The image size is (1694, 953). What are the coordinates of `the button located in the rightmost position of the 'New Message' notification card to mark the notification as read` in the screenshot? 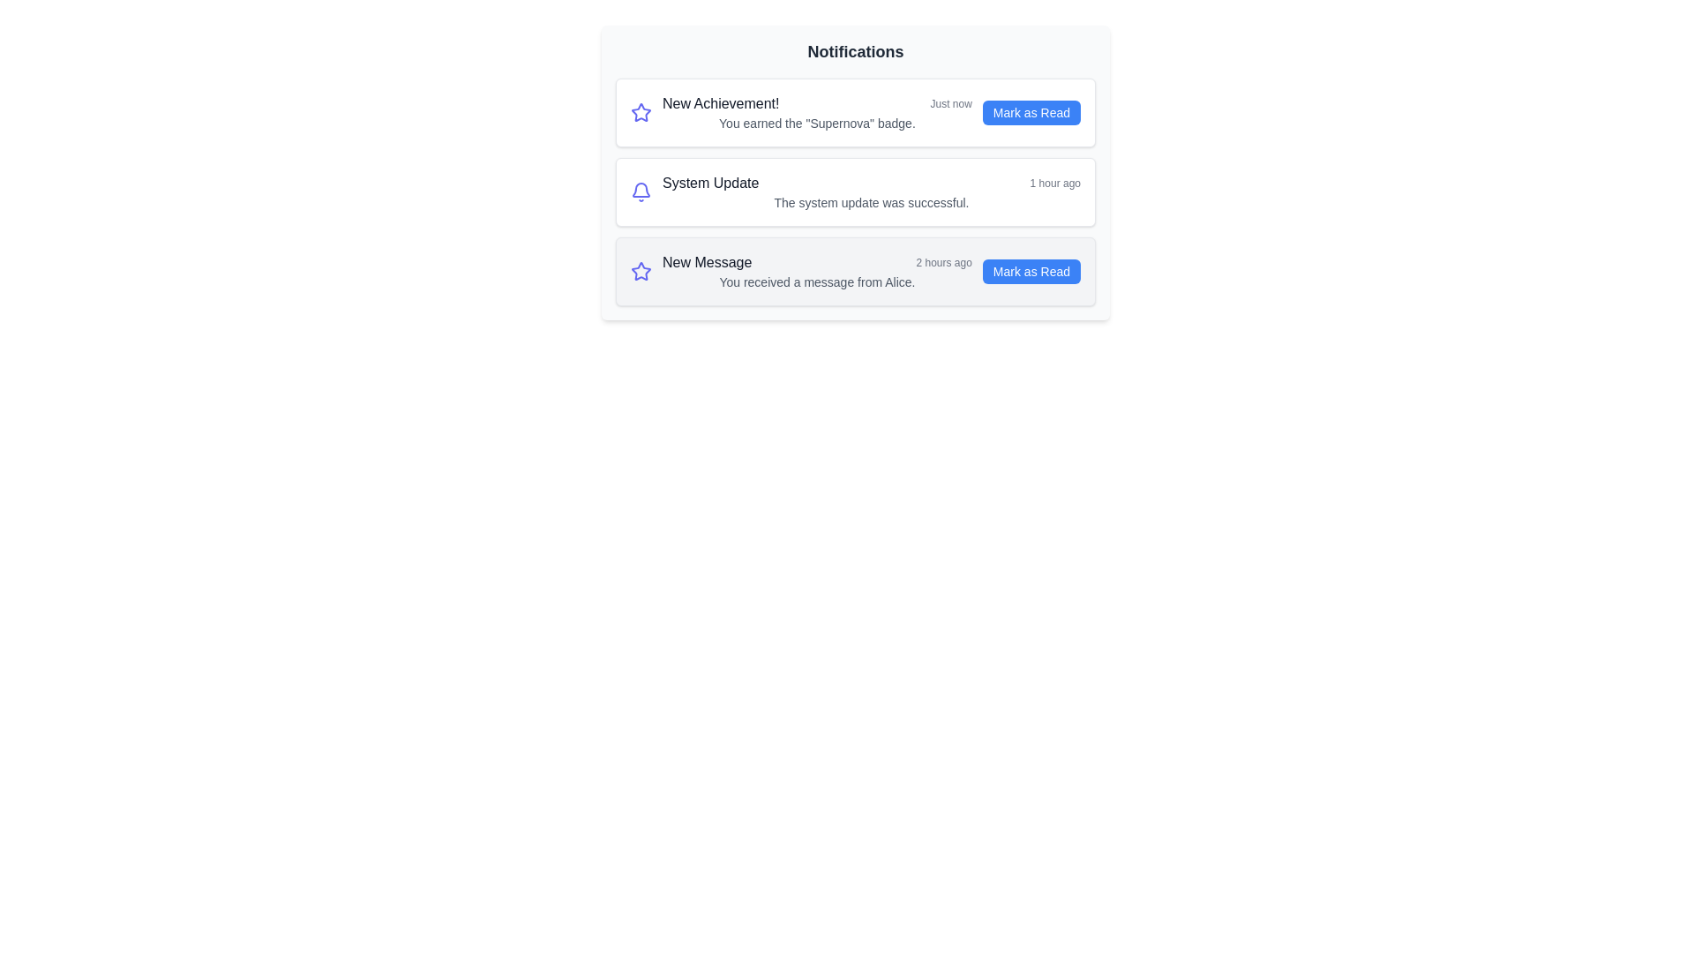 It's located at (1031, 272).